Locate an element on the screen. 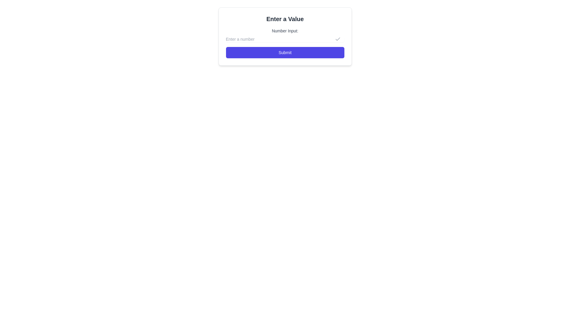  the Text Label that indicates the input field for entering a number, positioned under the header 'Enter a Value' and above the number input field is located at coordinates (285, 31).